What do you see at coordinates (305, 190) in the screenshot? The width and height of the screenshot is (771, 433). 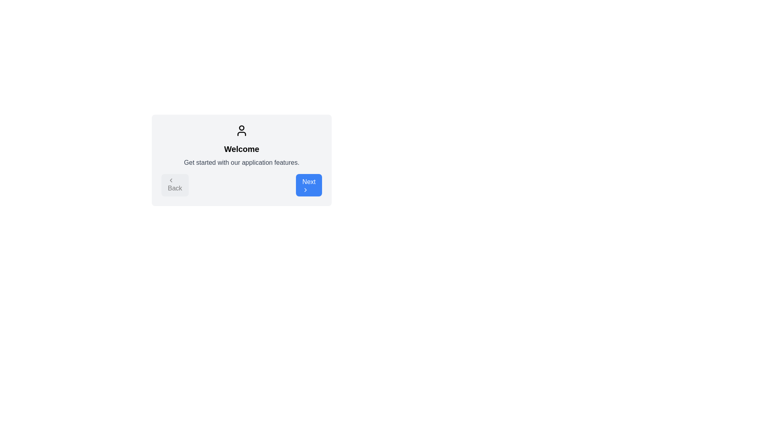 I see `the 'Next' button which contains a right-pointing chevron arrow icon, located at the bottom of the welcome dialogue` at bounding box center [305, 190].